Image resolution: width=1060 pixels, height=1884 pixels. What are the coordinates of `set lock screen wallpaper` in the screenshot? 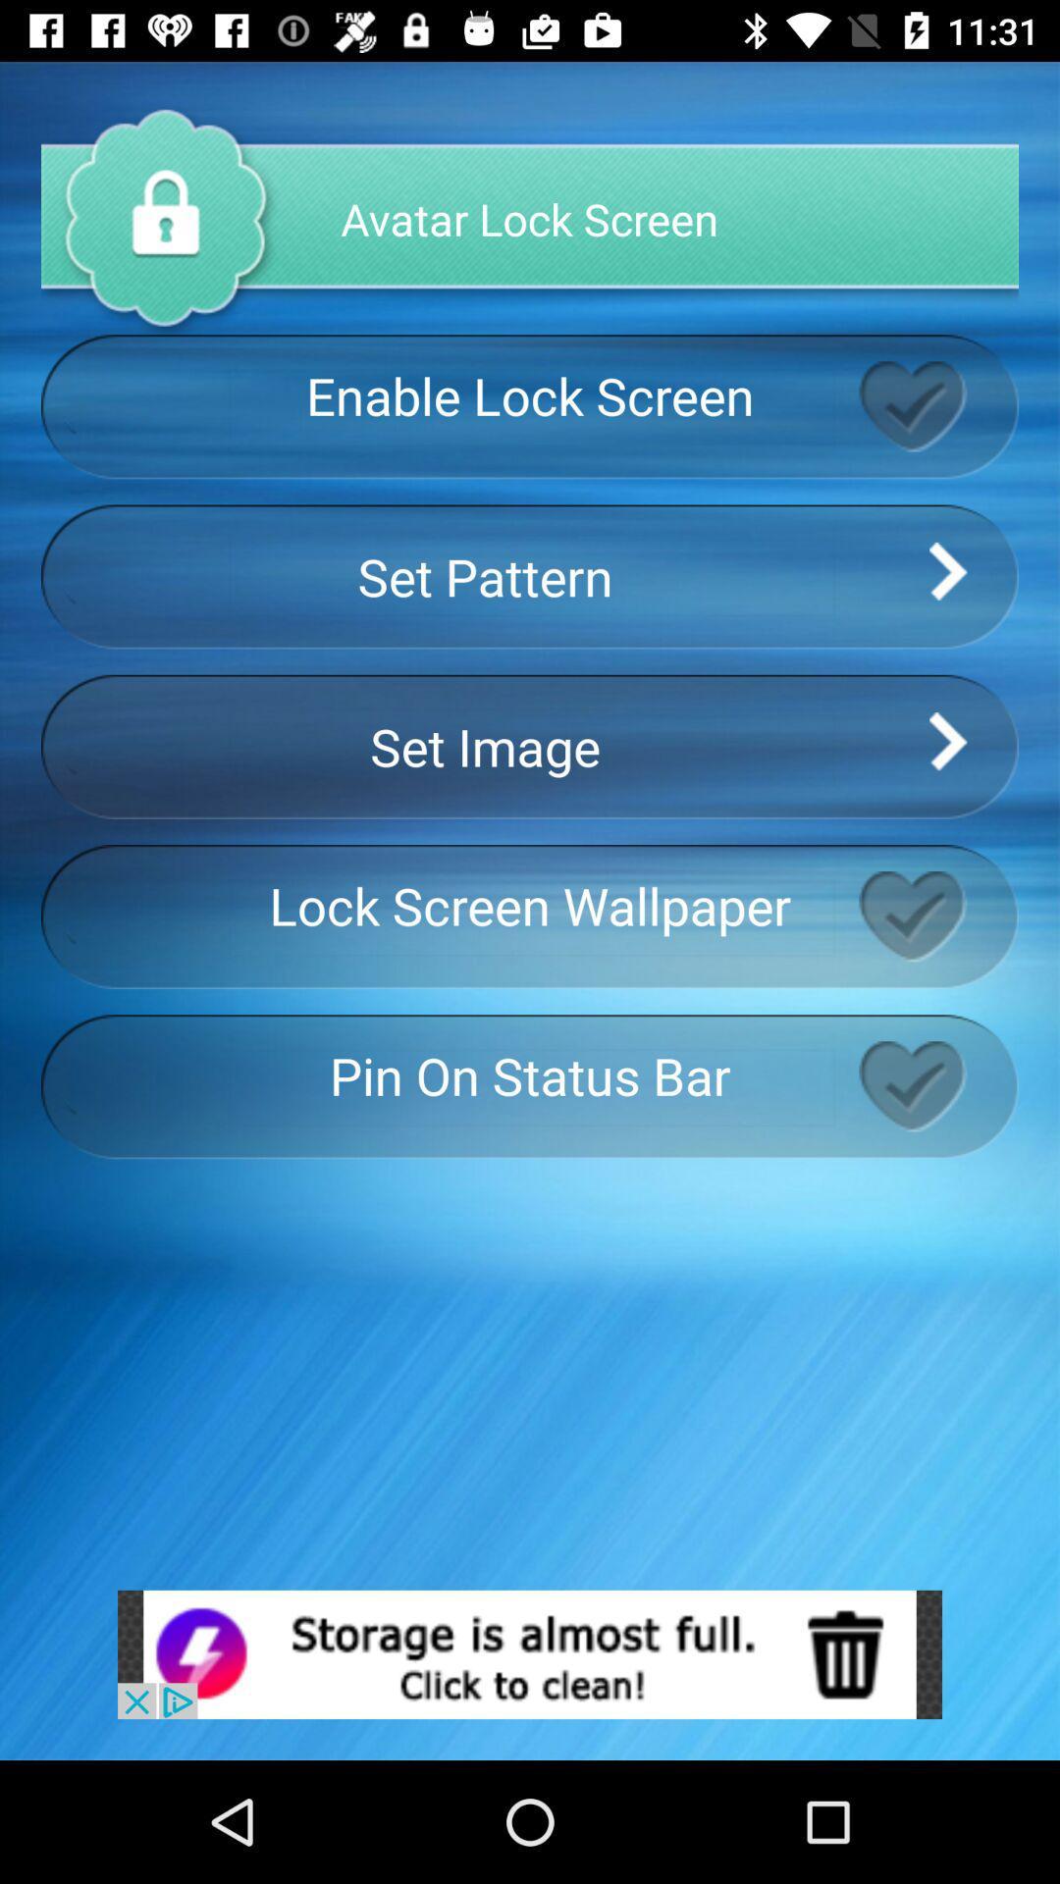 It's located at (937, 916).